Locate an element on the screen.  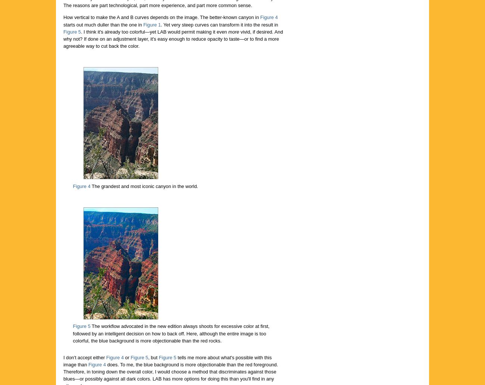
', but' is located at coordinates (153, 357).